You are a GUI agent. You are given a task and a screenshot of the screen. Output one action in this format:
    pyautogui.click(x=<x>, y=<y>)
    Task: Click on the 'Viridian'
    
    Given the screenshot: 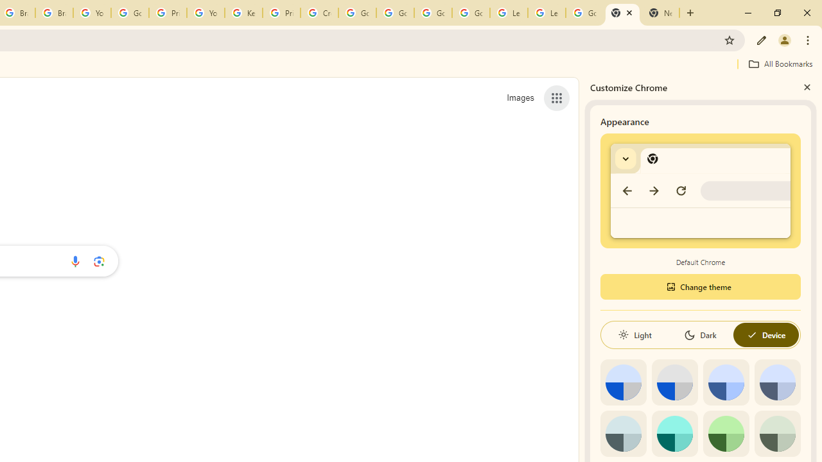 What is the action you would take?
    pyautogui.click(x=776, y=433)
    